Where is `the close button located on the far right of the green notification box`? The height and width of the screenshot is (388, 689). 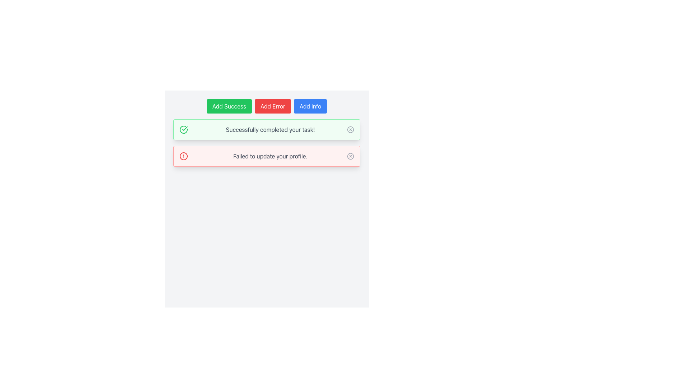 the close button located on the far right of the green notification box is located at coordinates (351, 130).